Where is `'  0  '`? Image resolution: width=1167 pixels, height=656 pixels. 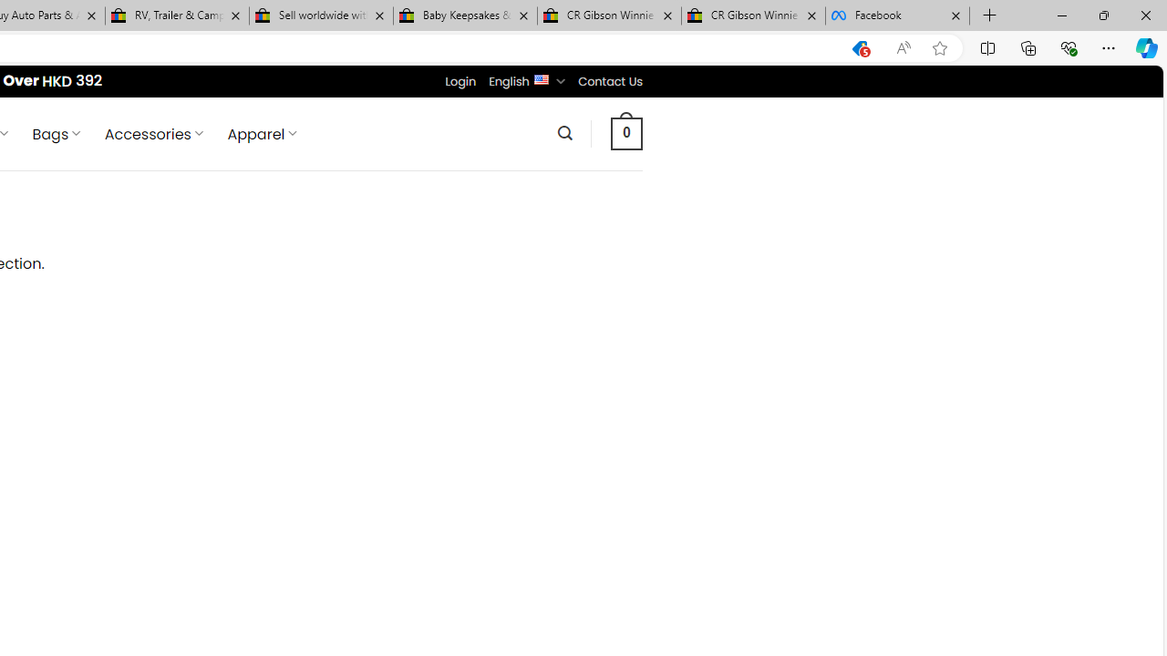 '  0  ' is located at coordinates (627, 132).